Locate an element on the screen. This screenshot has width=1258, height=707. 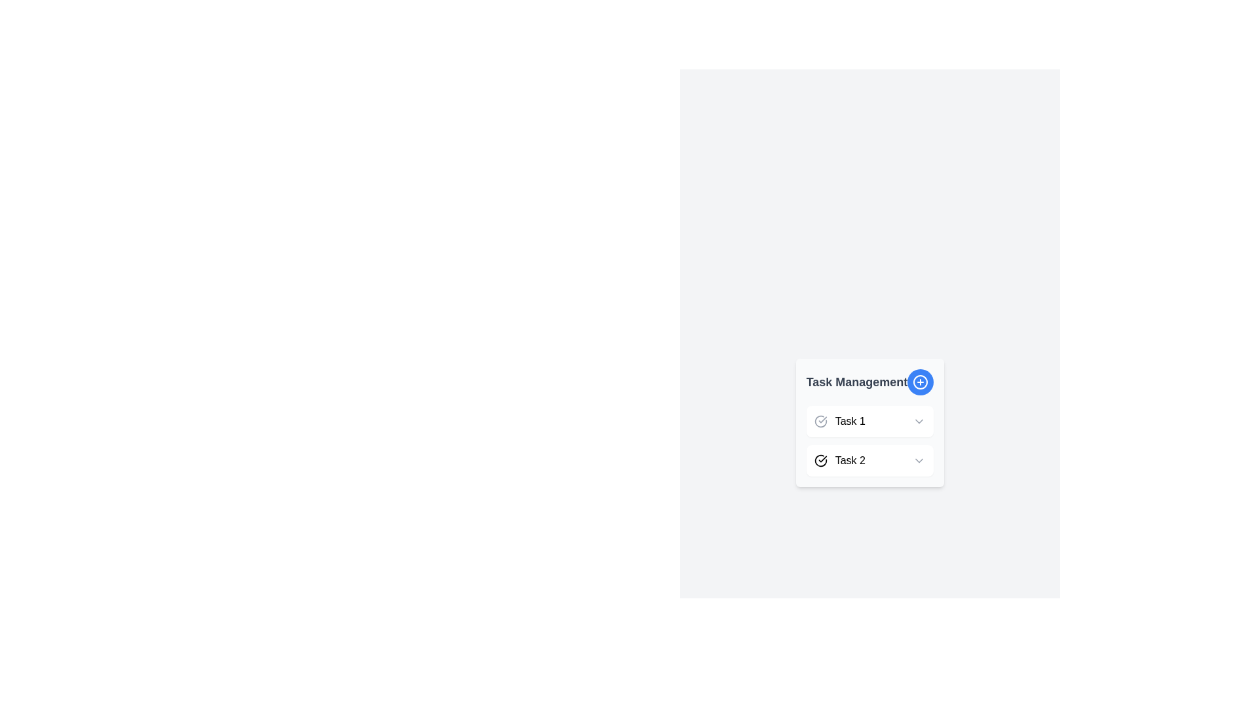
the text label that represents the title of the first task in the task management list is located at coordinates (839, 422).